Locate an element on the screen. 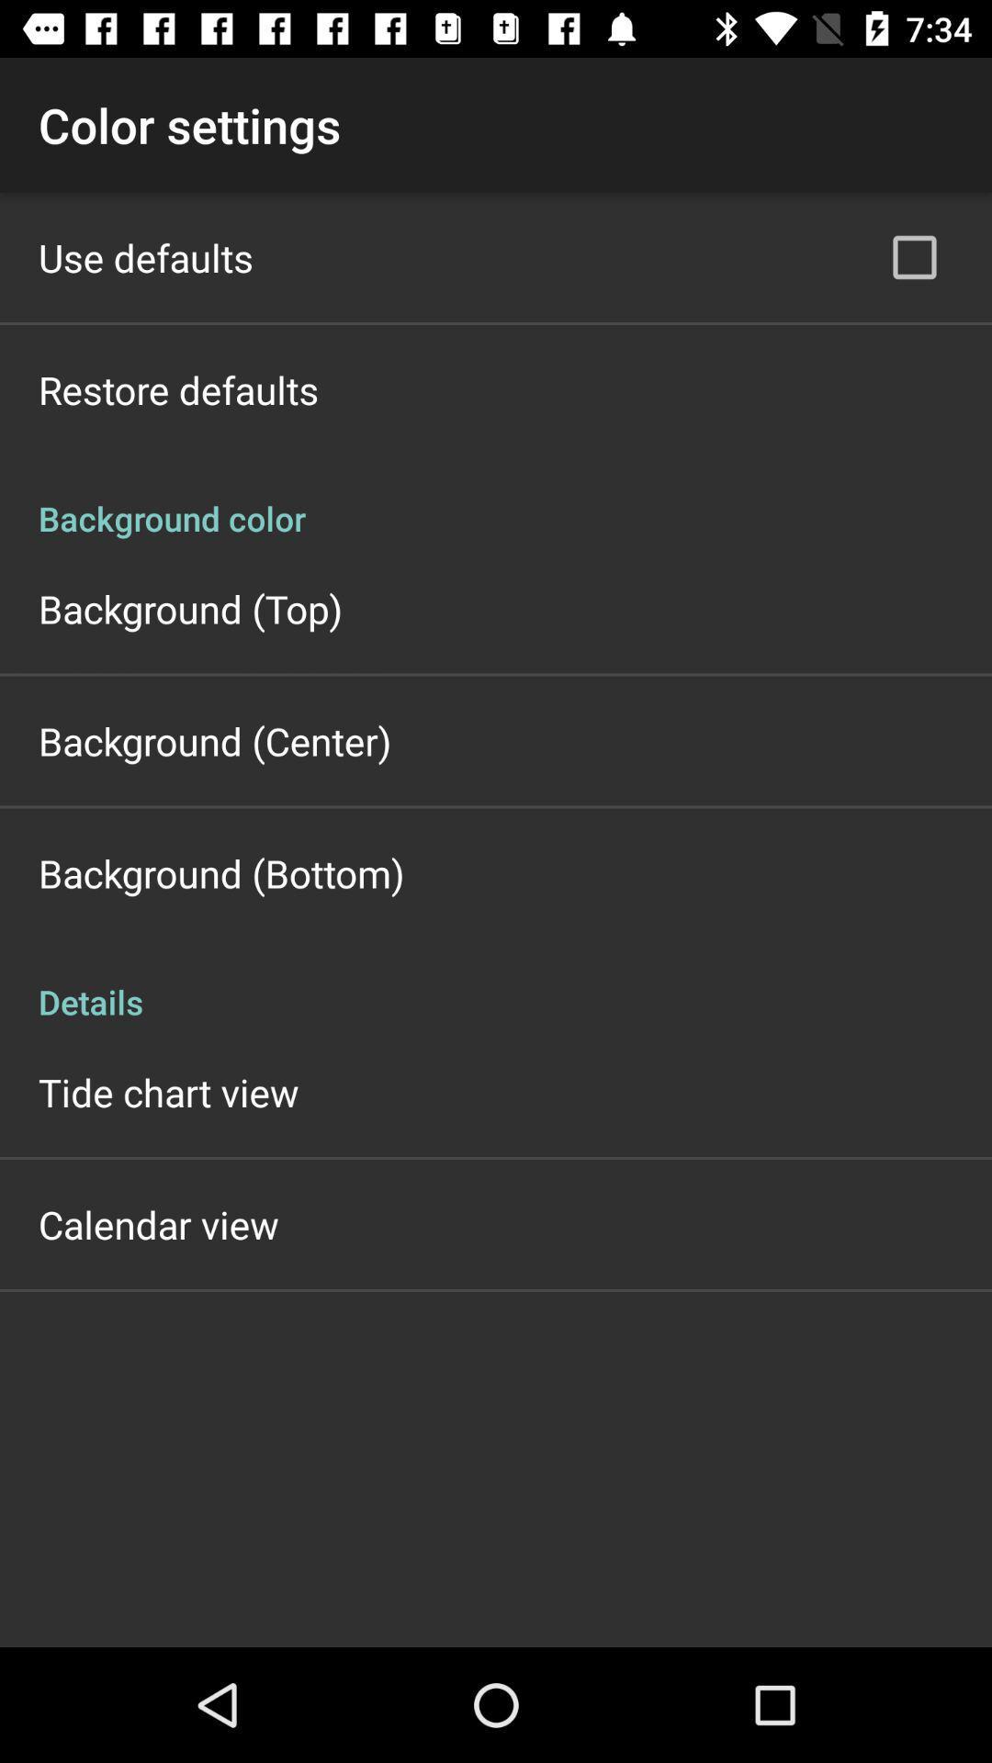 The height and width of the screenshot is (1763, 992). icon below details icon is located at coordinates (168, 1092).